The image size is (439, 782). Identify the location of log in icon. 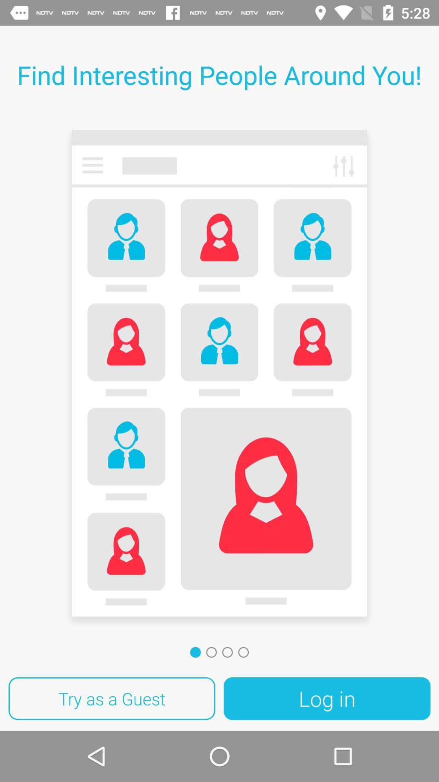
(326, 698).